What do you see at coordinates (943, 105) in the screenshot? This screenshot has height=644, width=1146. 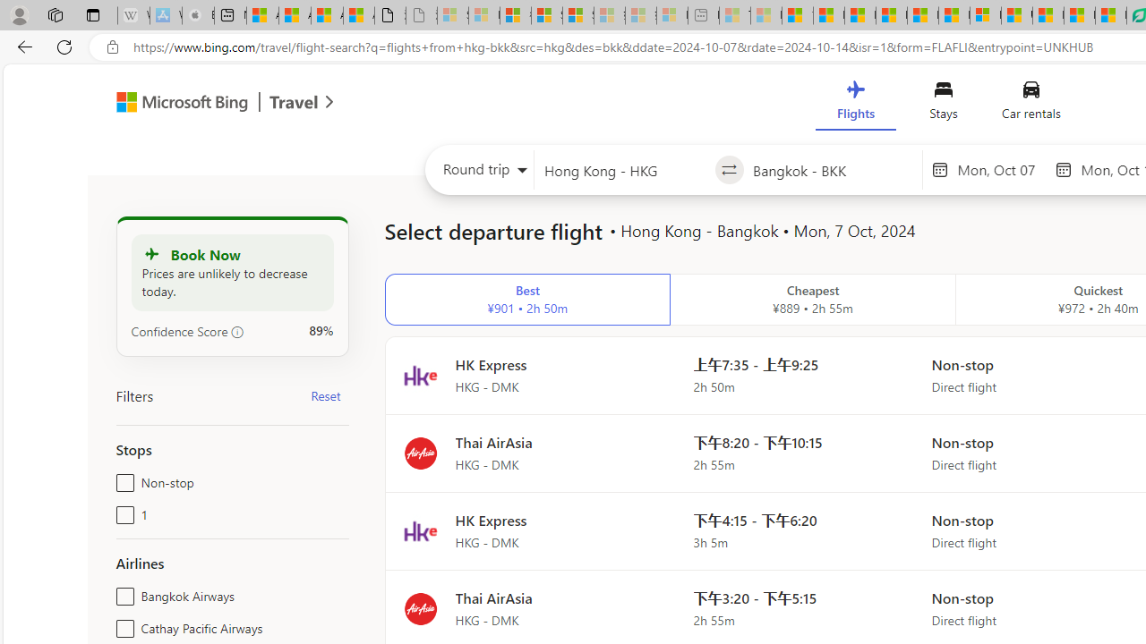 I see `'Stays'` at bounding box center [943, 105].